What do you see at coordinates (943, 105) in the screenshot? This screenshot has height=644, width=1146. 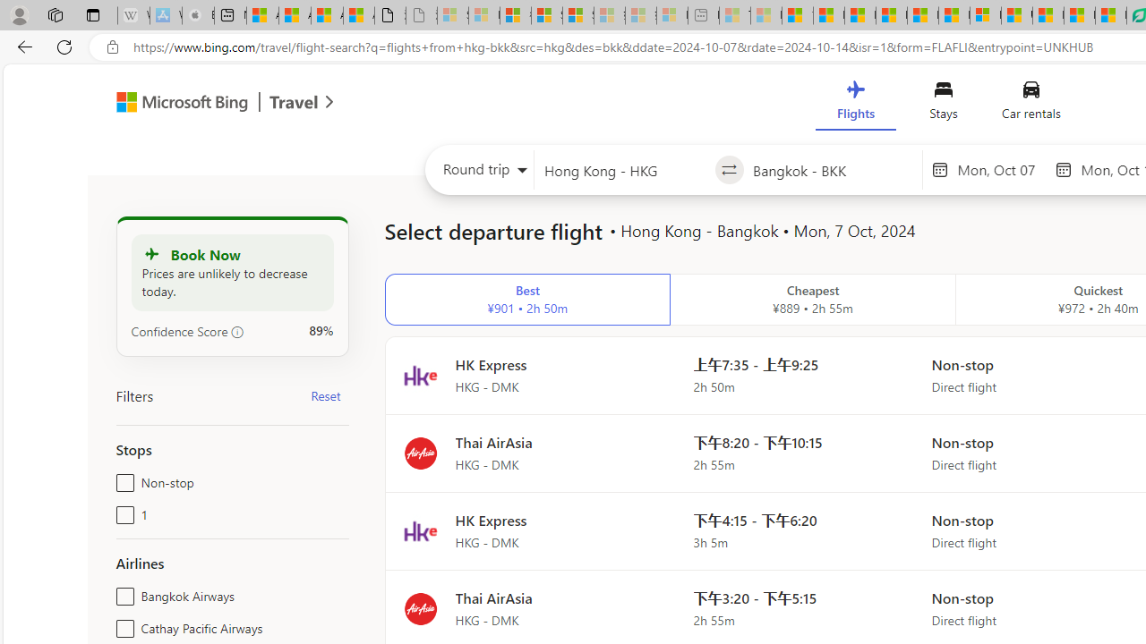 I see `'Stays'` at bounding box center [943, 105].